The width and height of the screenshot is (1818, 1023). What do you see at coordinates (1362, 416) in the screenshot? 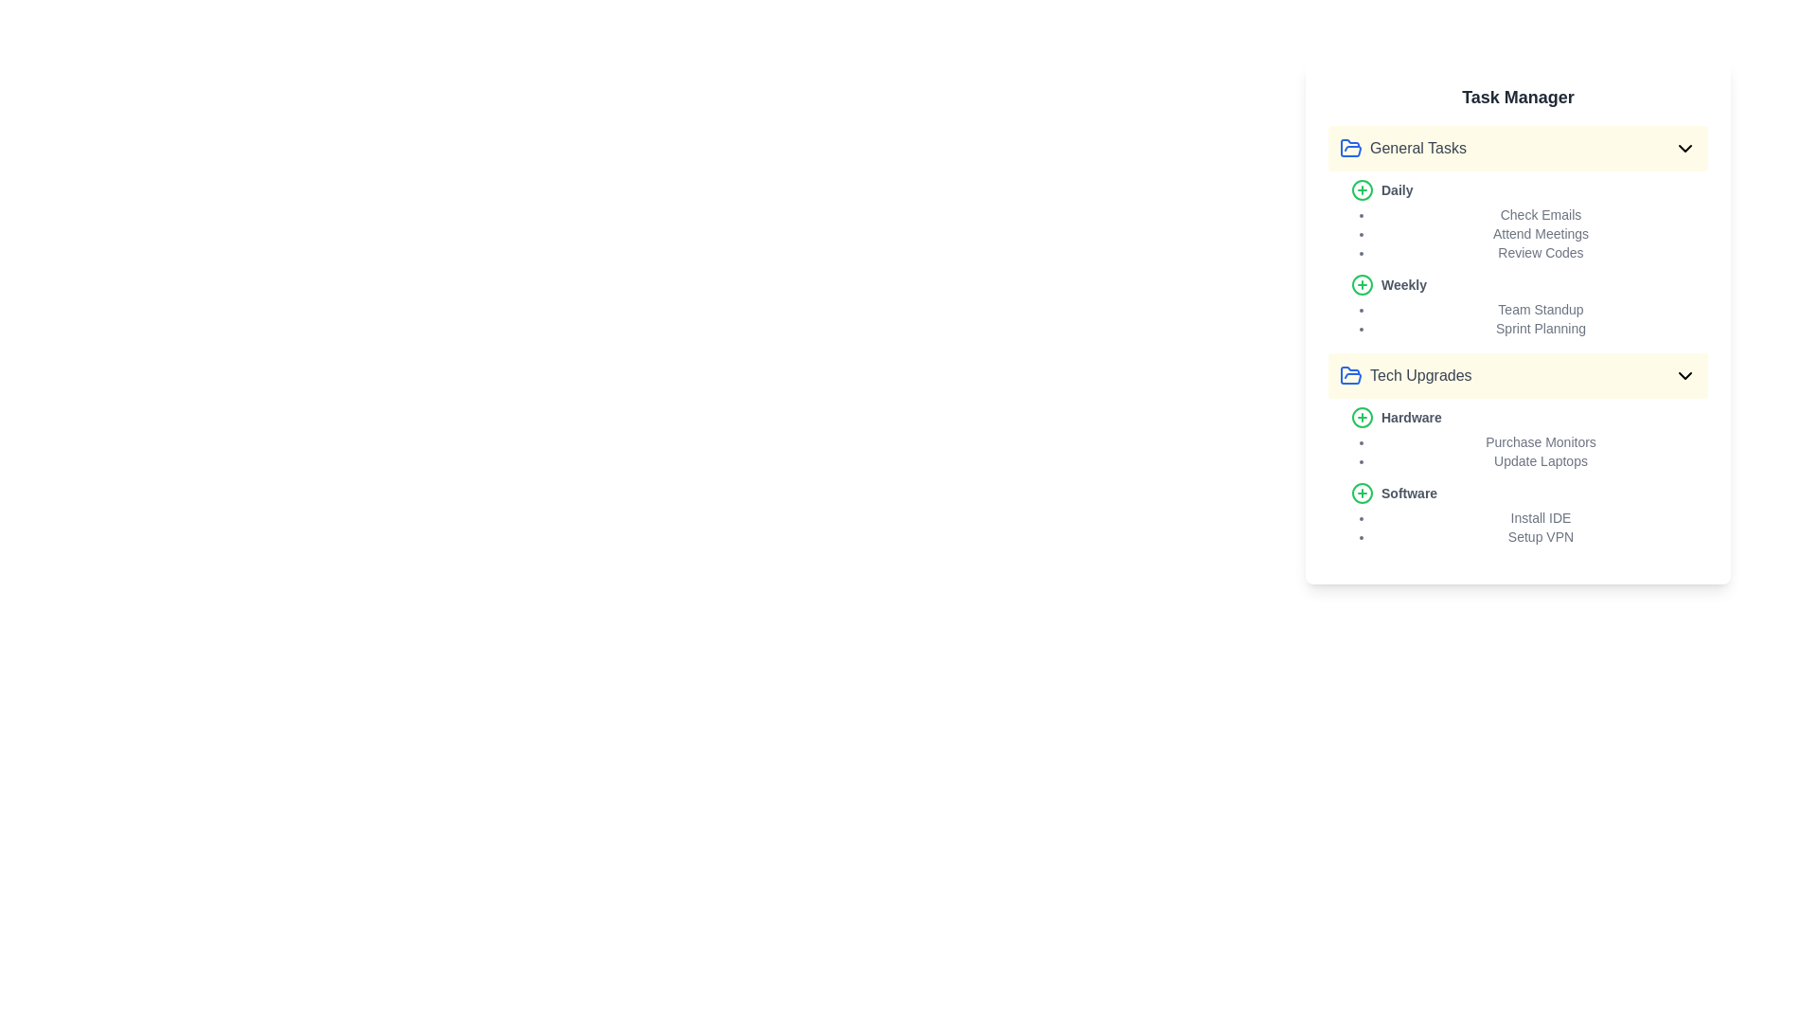
I see `the green circular action icon with a white inner background and a green plus sign, located to the left of the 'Daily' label in the 'General Tasks' section of the task manager panel` at bounding box center [1362, 416].